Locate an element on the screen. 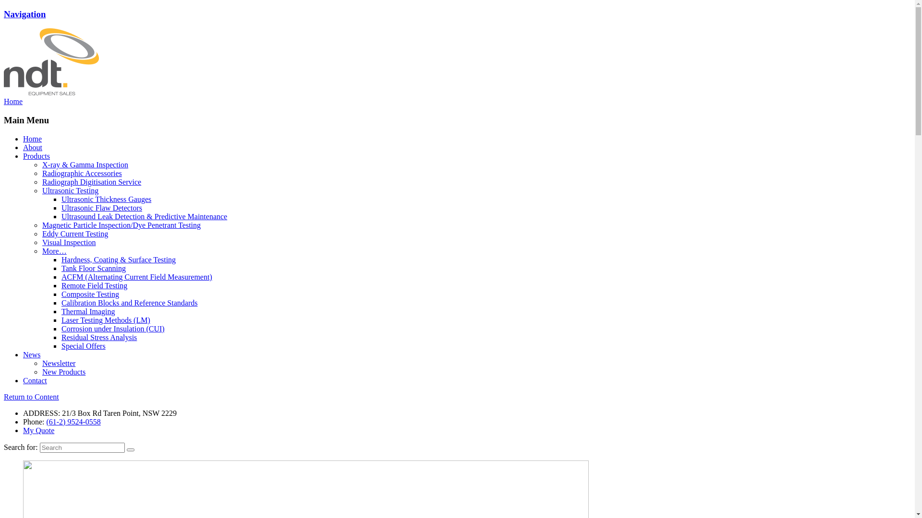 The width and height of the screenshot is (922, 518). 'My Quote' is located at coordinates (38, 430).